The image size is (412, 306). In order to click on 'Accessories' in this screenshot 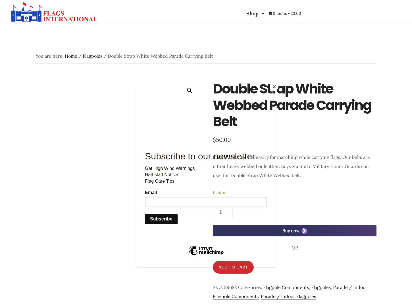, I will do `click(296, 31)`.